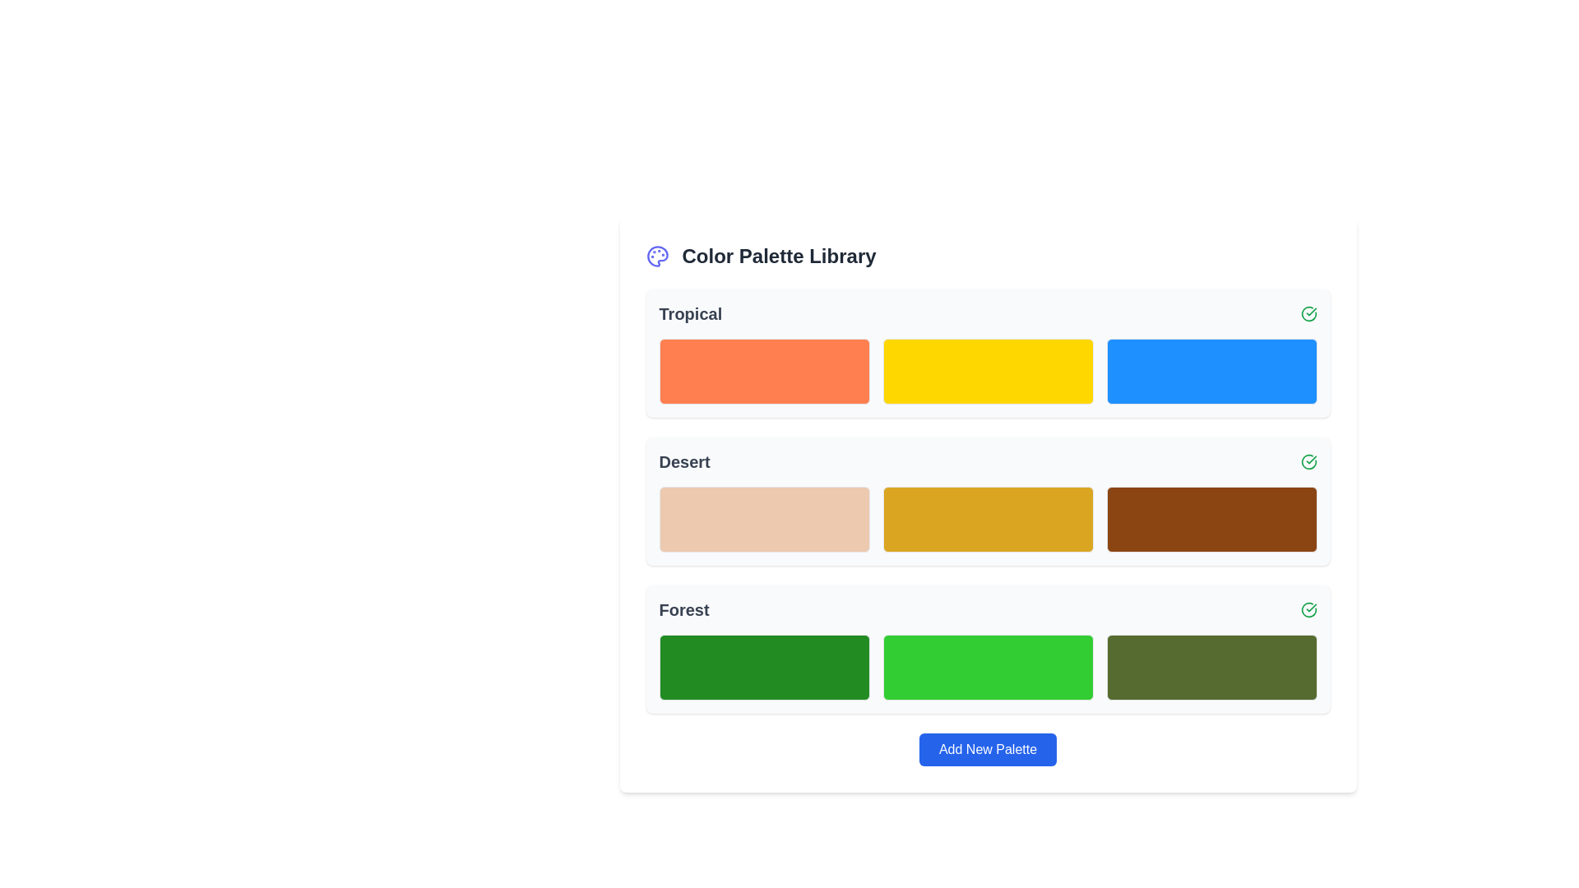 Image resolution: width=1579 pixels, height=888 pixels. Describe the element at coordinates (1308, 462) in the screenshot. I see `the status confirmation icon indicating the 'Desert' palette located in the 'Color Palette Library' interface, positioned towards the right edge of the title area` at that location.